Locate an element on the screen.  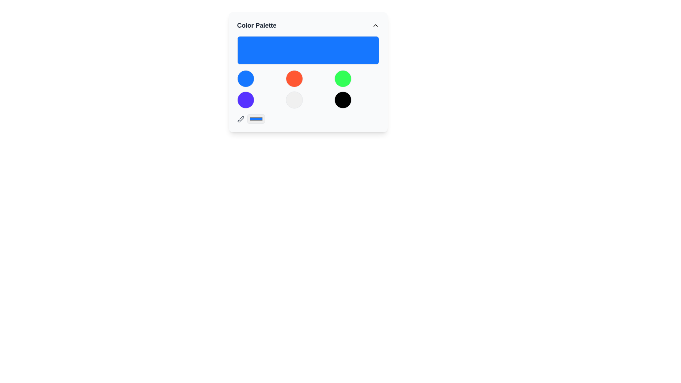
the green button located in the top row, third column of a 3x2 grid is located at coordinates (343, 79).